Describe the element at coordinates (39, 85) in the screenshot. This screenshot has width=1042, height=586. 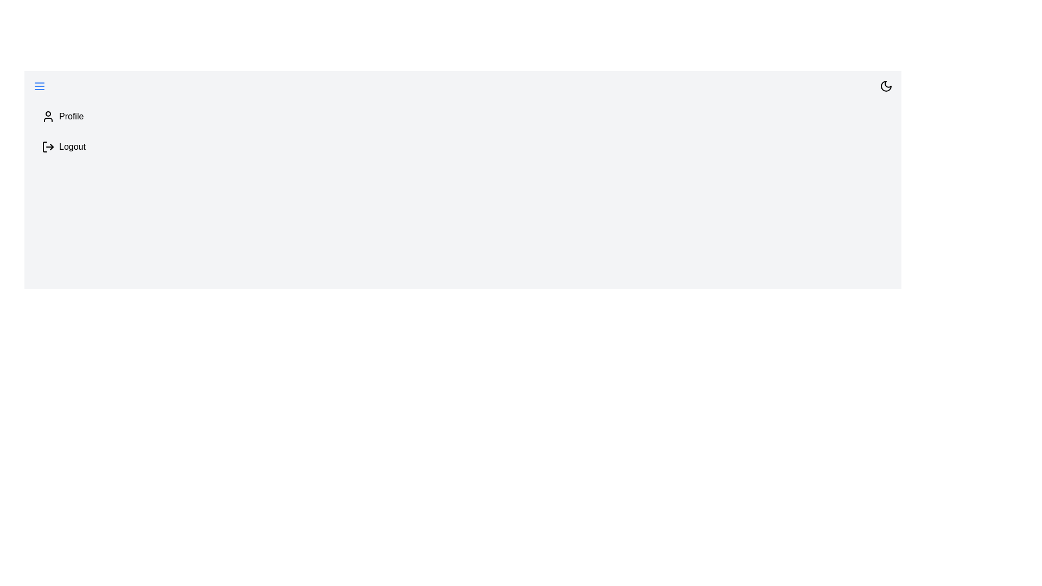
I see `the blue hamburger menu icon consisting of three parallel horizontal lines` at that location.